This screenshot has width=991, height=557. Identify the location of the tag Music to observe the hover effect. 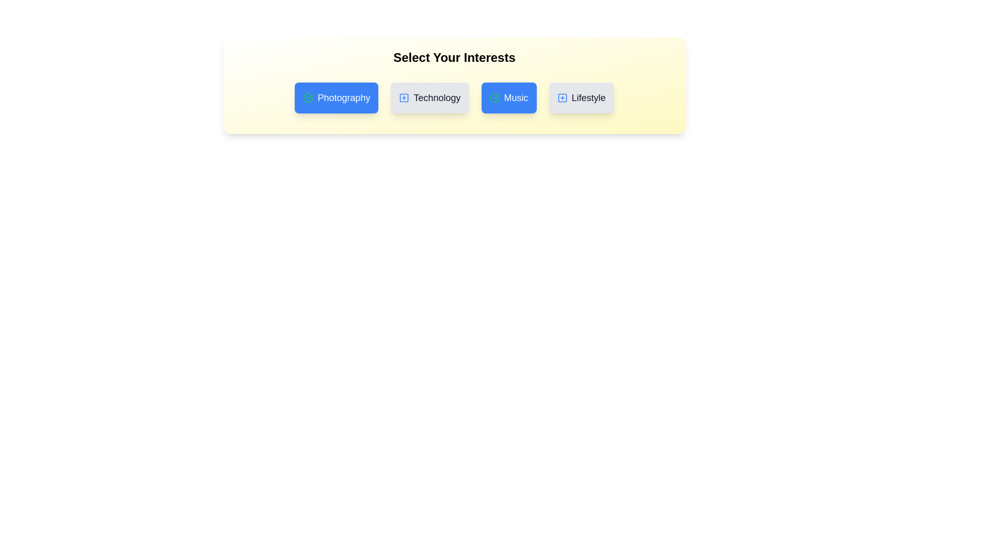
(508, 97).